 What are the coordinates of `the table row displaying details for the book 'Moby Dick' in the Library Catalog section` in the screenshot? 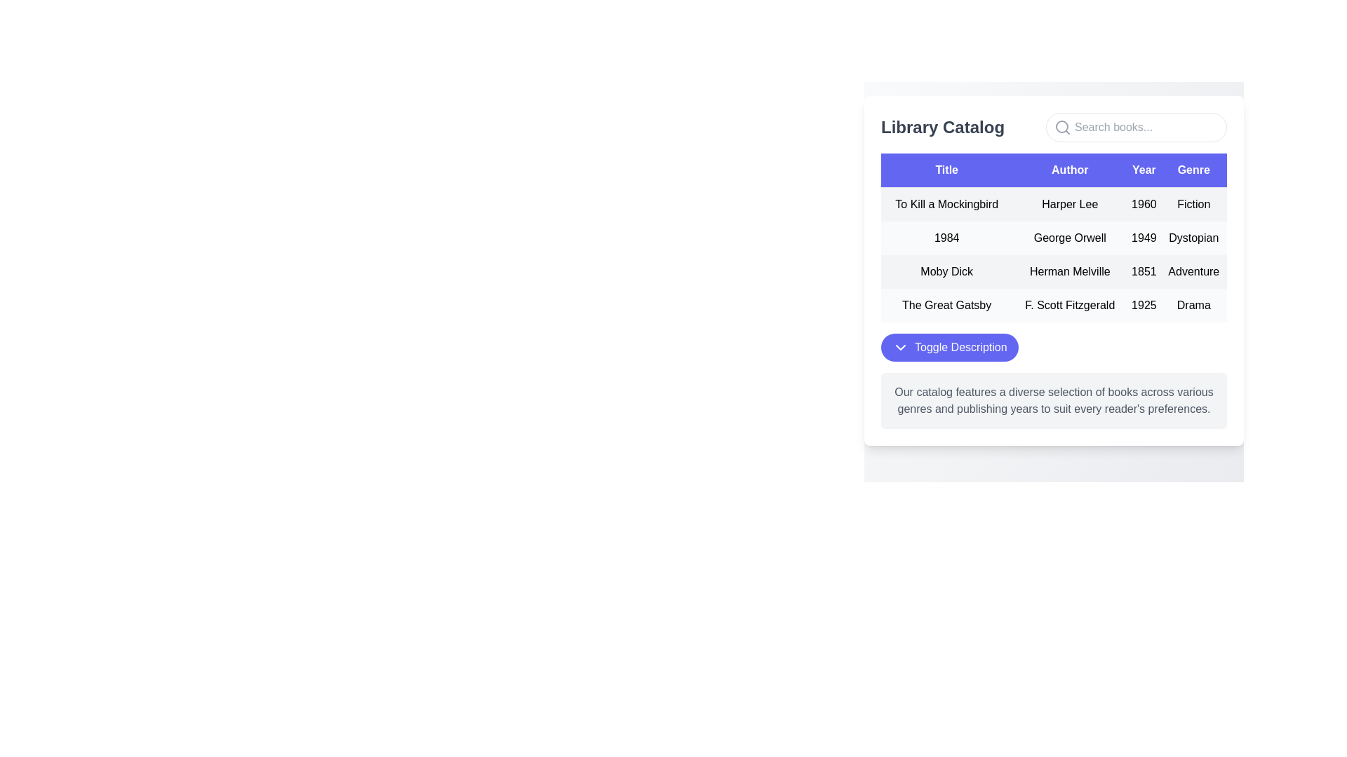 It's located at (1054, 272).